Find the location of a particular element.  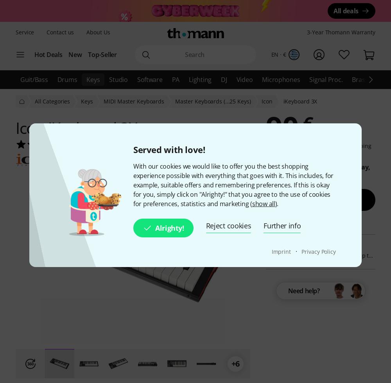

'Icon iKeyboard 3X' is located at coordinates (76, 127).